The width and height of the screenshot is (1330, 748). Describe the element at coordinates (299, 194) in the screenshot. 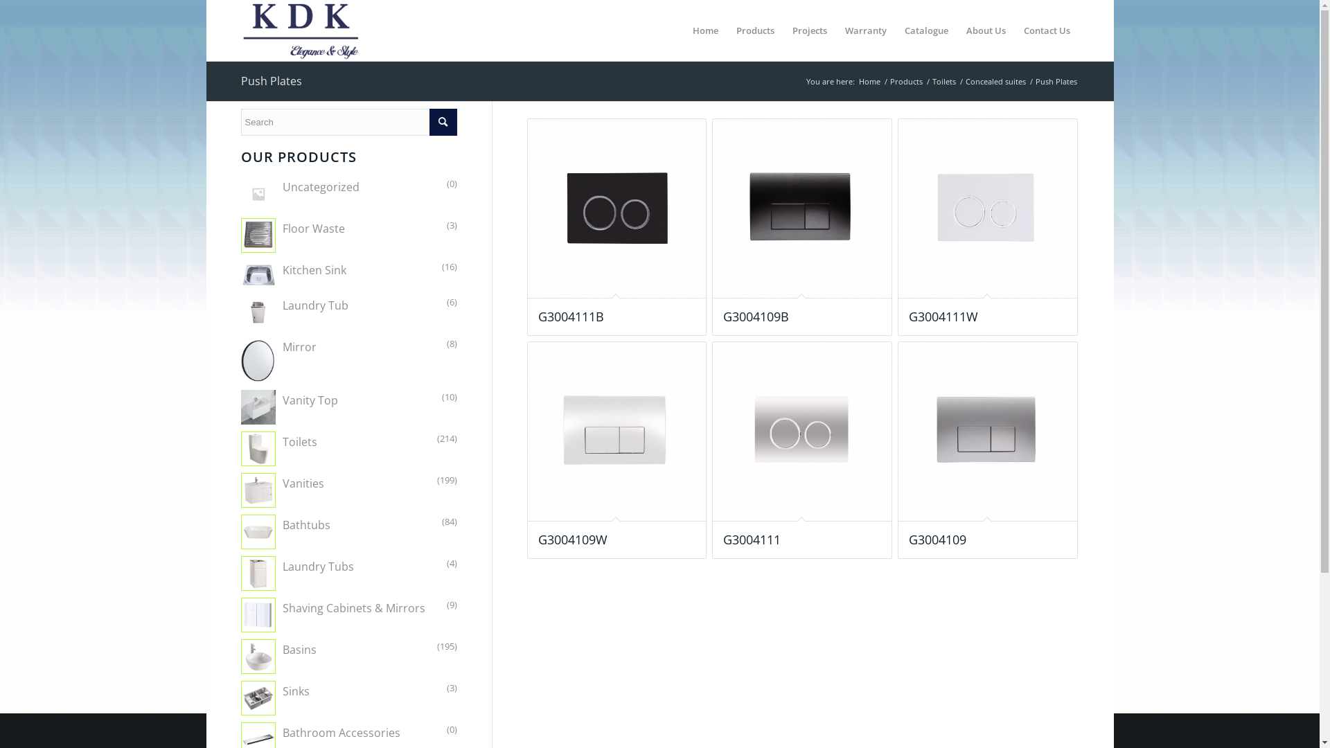

I see `'Uncategorized'` at that location.